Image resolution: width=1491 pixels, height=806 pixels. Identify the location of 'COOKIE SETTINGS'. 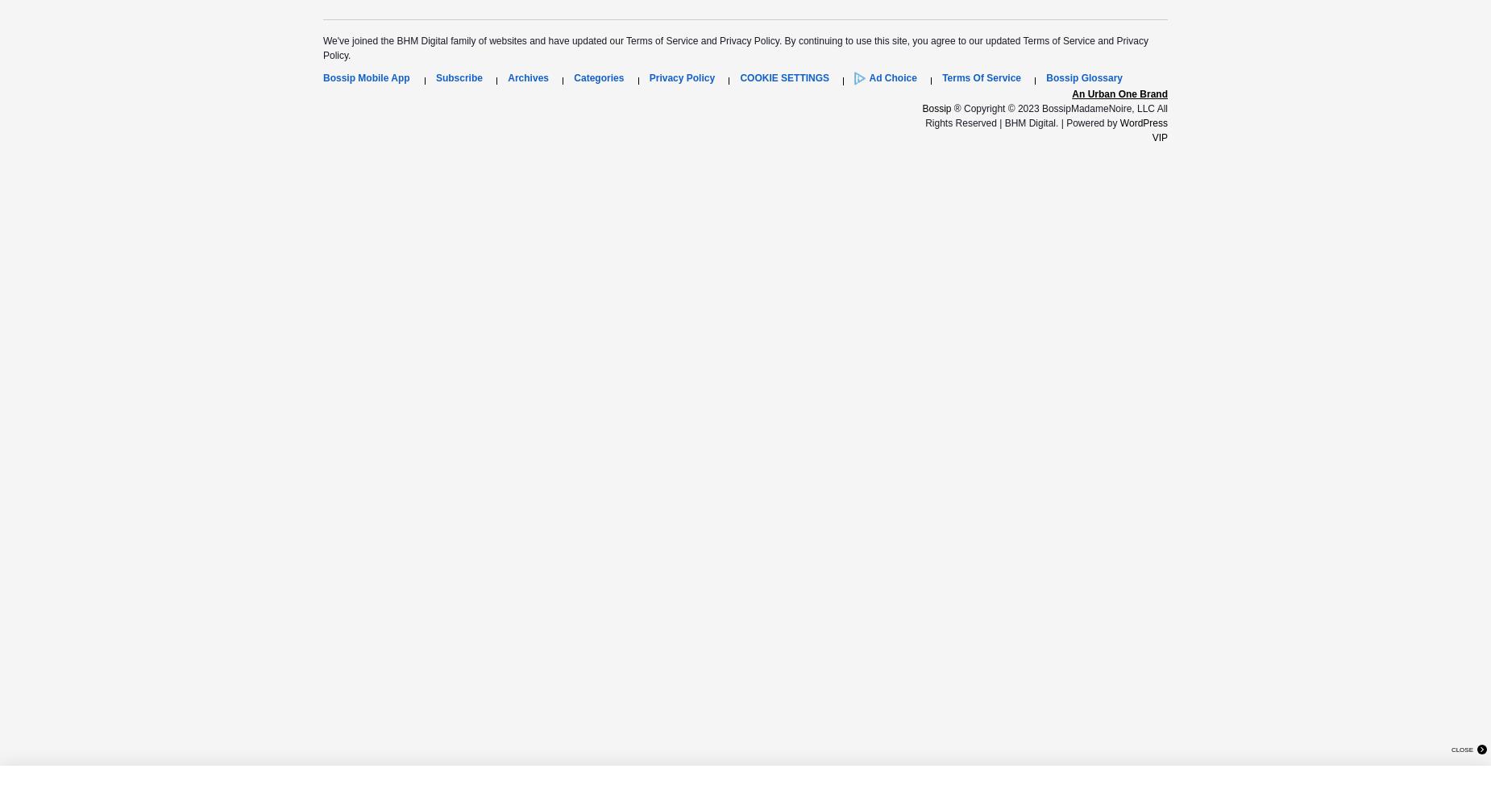
(783, 77).